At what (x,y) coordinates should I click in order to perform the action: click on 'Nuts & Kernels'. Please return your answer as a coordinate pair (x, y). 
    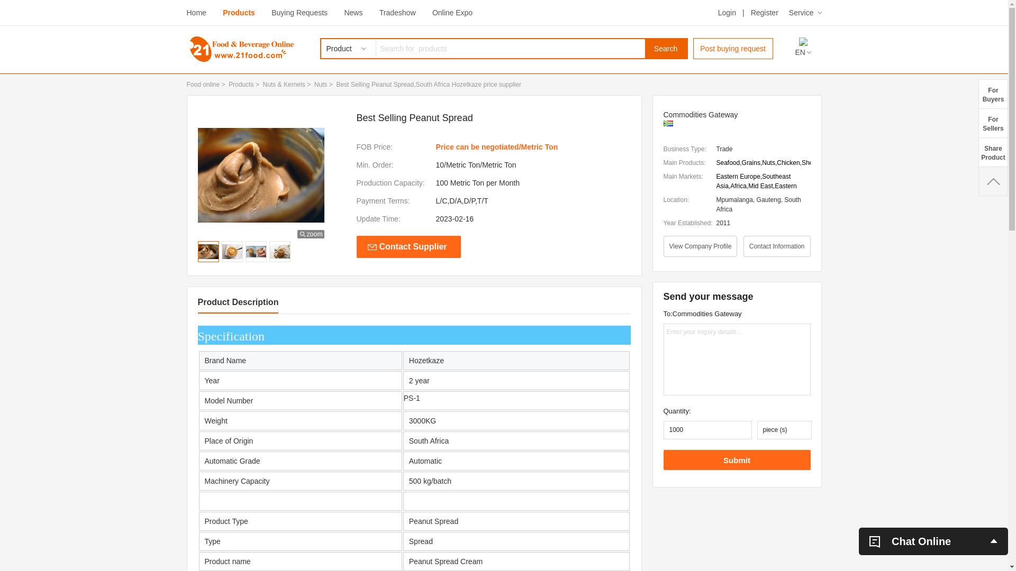
    Looking at the image, I should click on (263, 84).